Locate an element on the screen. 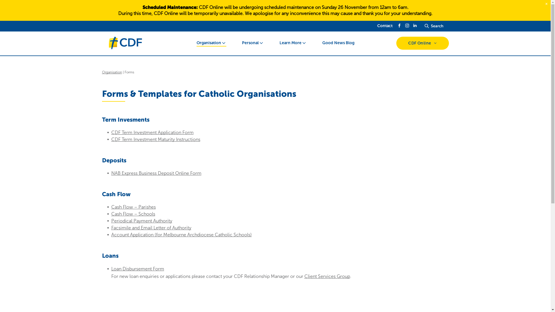 The height and width of the screenshot is (312, 555). 'Periodical Payment Authority' is located at coordinates (111, 221).